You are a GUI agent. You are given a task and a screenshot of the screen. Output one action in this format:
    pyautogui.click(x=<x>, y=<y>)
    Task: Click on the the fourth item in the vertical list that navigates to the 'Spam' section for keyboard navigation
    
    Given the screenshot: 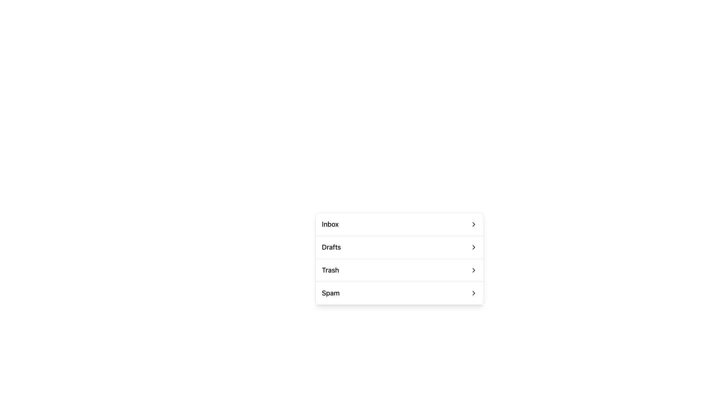 What is the action you would take?
    pyautogui.click(x=399, y=292)
    